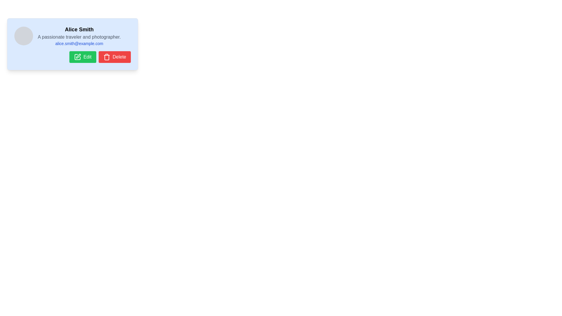 This screenshot has width=562, height=316. Describe the element at coordinates (79, 37) in the screenshot. I see `the text label displaying 'A passionate traveler and photographer.' which is styled in a subtle gray color and is positioned between the bold name 'Alice Smith' and the email 'alice.smith@example.com.'` at that location.